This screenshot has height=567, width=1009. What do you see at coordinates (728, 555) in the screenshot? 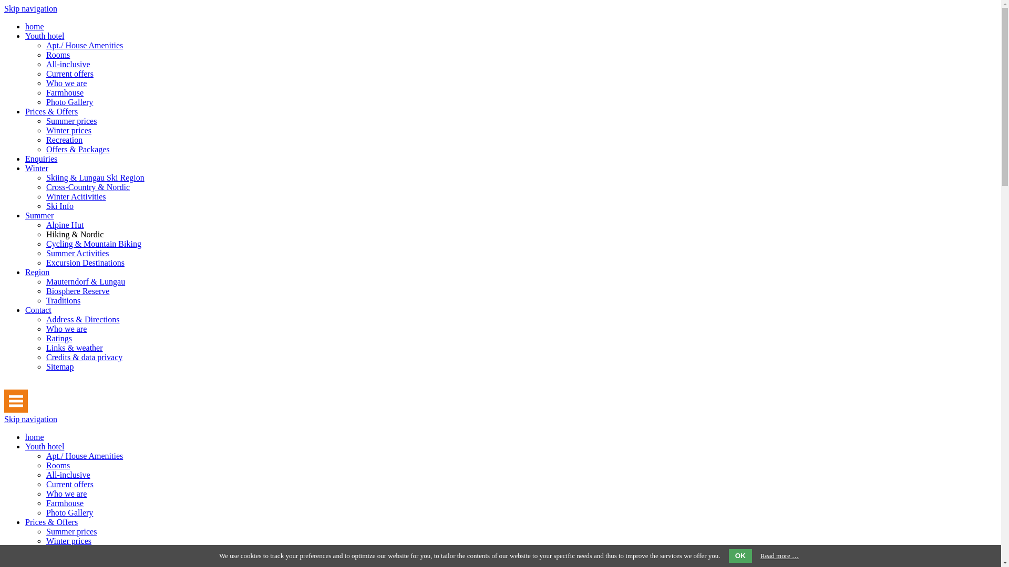
I see `'OK'` at bounding box center [728, 555].